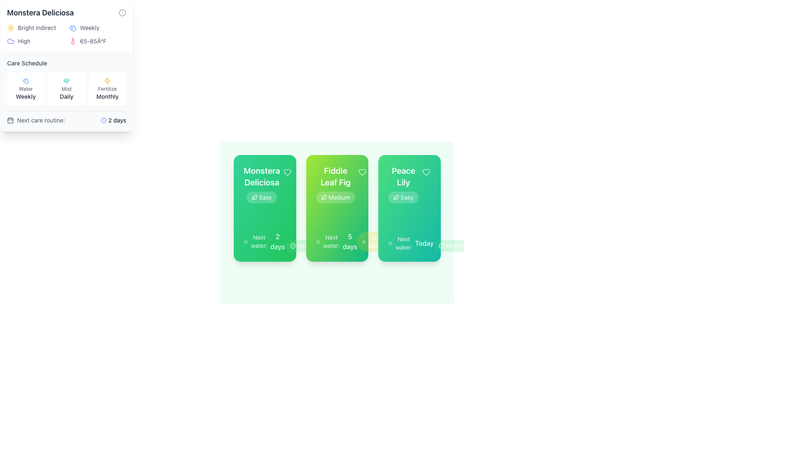 Image resolution: width=800 pixels, height=450 pixels. Describe the element at coordinates (403, 197) in the screenshot. I see `the label indicating that the 'Peace Lily' is 'Easy' to care for, located within the third card titled 'Peace Lily', positioned below the title` at that location.